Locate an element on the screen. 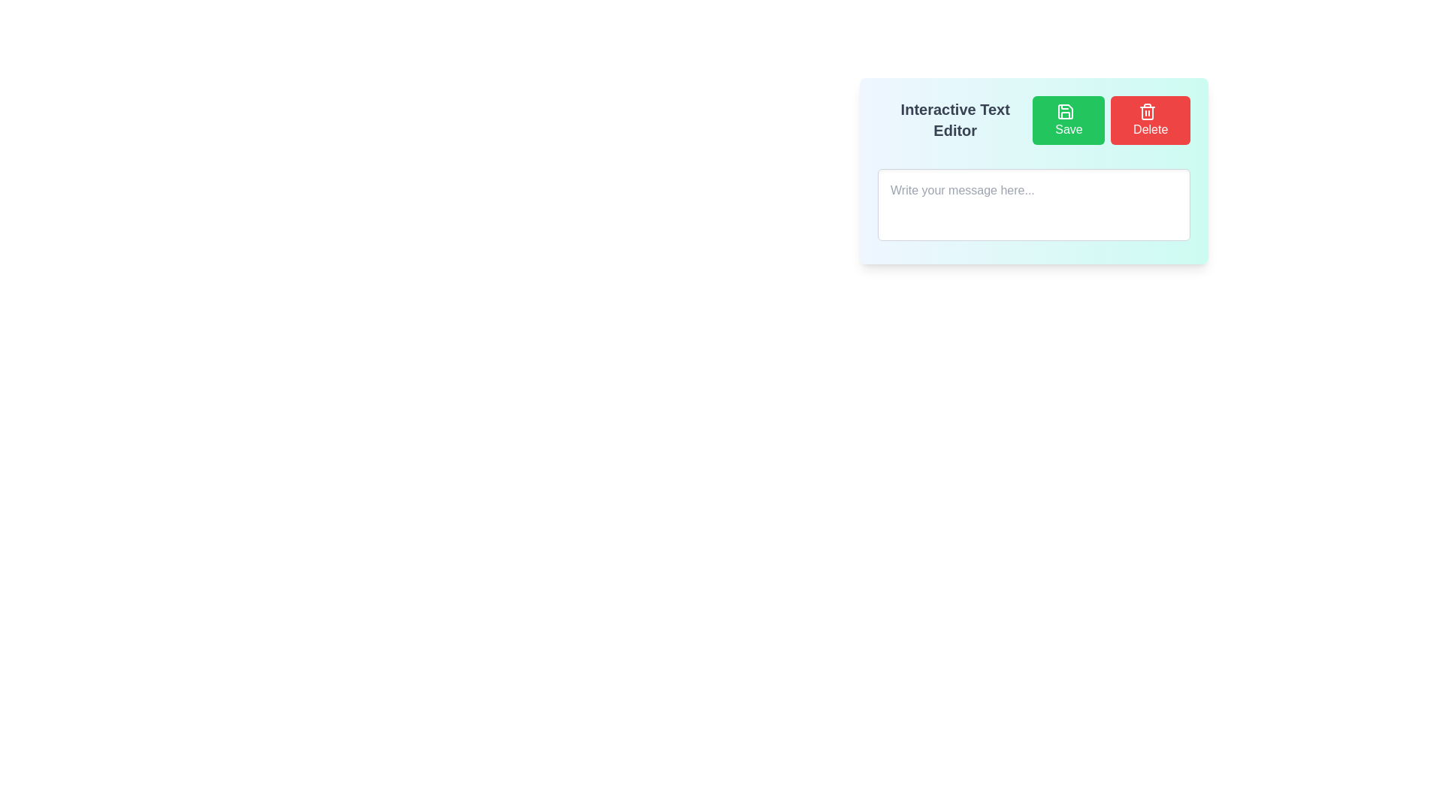  the red 'Delete' button with rounded corners located in the top-right section of the card interface is located at coordinates (1150, 119).